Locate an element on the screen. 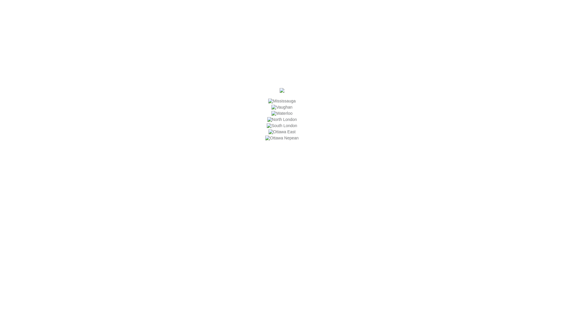 The height and width of the screenshot is (317, 564). 'South London' is located at coordinates (281, 125).